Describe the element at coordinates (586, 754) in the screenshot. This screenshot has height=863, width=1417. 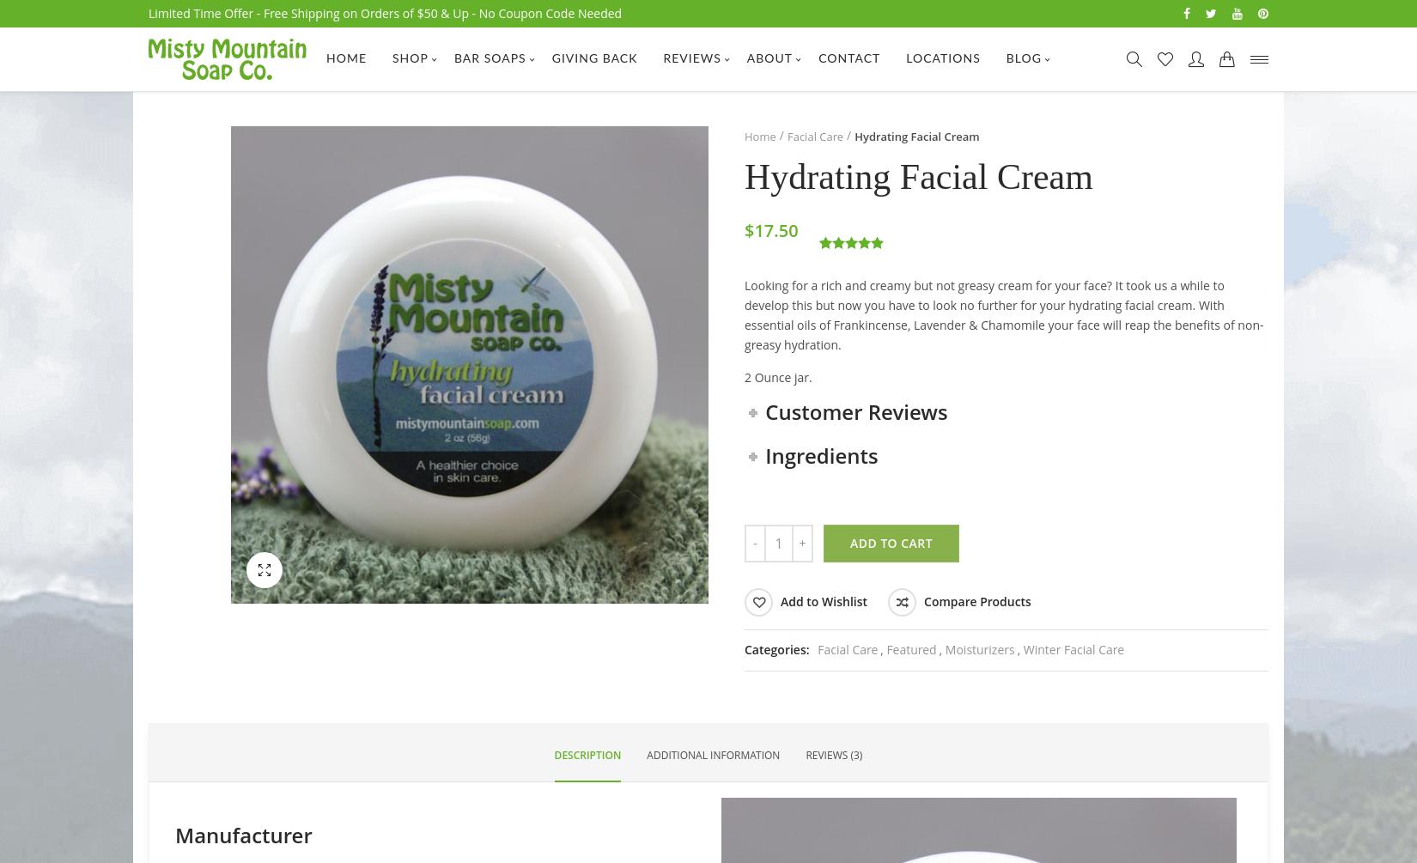
I see `'Description'` at that location.